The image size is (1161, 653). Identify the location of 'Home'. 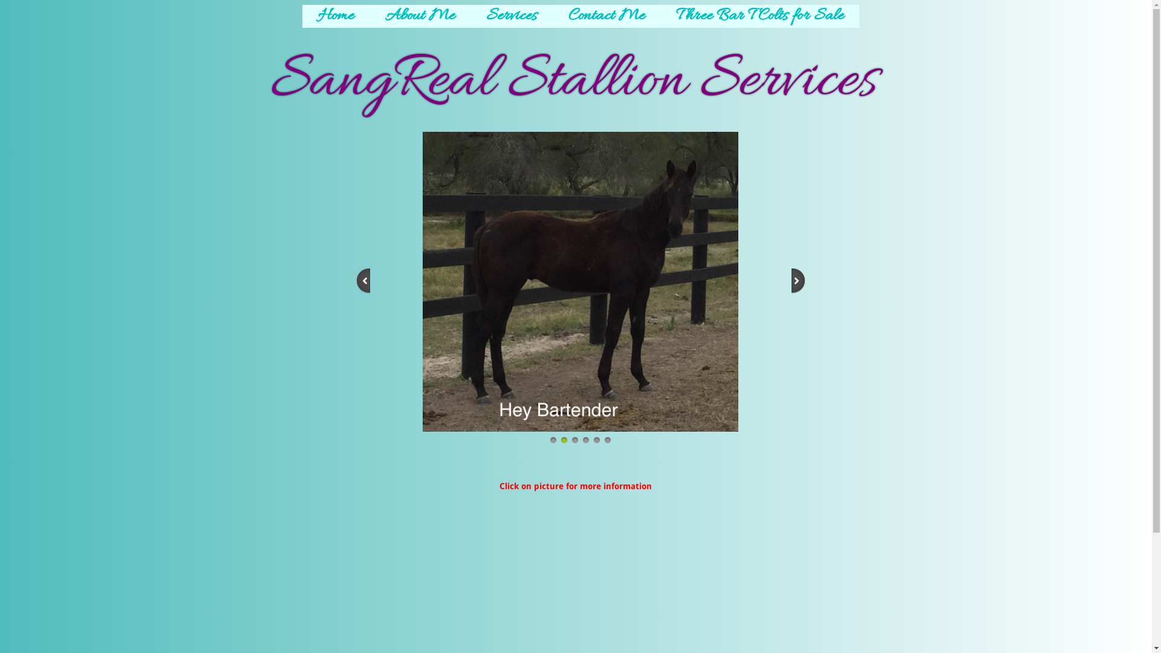
(336, 16).